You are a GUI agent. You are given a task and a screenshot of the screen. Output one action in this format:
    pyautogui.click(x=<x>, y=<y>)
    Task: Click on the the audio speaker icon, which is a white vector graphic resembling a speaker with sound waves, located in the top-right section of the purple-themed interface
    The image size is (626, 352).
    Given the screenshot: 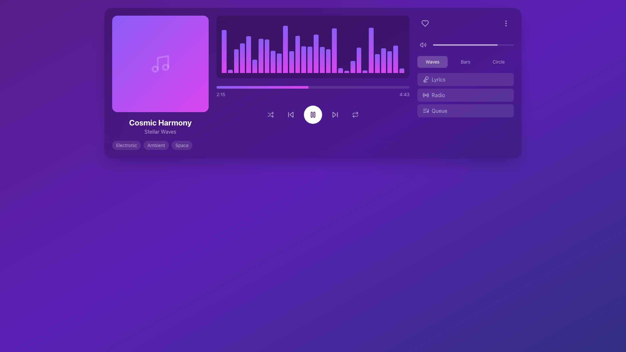 What is the action you would take?
    pyautogui.click(x=423, y=45)
    